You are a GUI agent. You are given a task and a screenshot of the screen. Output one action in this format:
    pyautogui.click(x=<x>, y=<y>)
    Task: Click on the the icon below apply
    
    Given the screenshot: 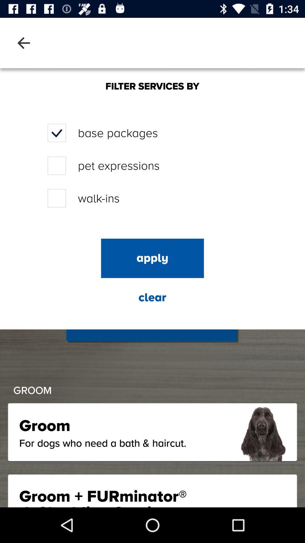 What is the action you would take?
    pyautogui.click(x=152, y=297)
    